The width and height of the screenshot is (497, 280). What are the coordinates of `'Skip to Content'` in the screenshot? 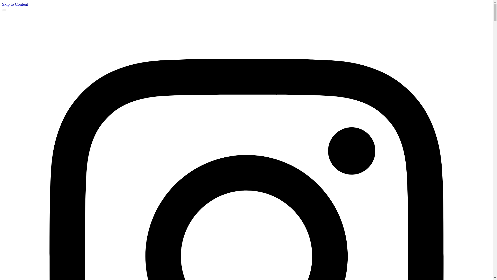 It's located at (15, 4).